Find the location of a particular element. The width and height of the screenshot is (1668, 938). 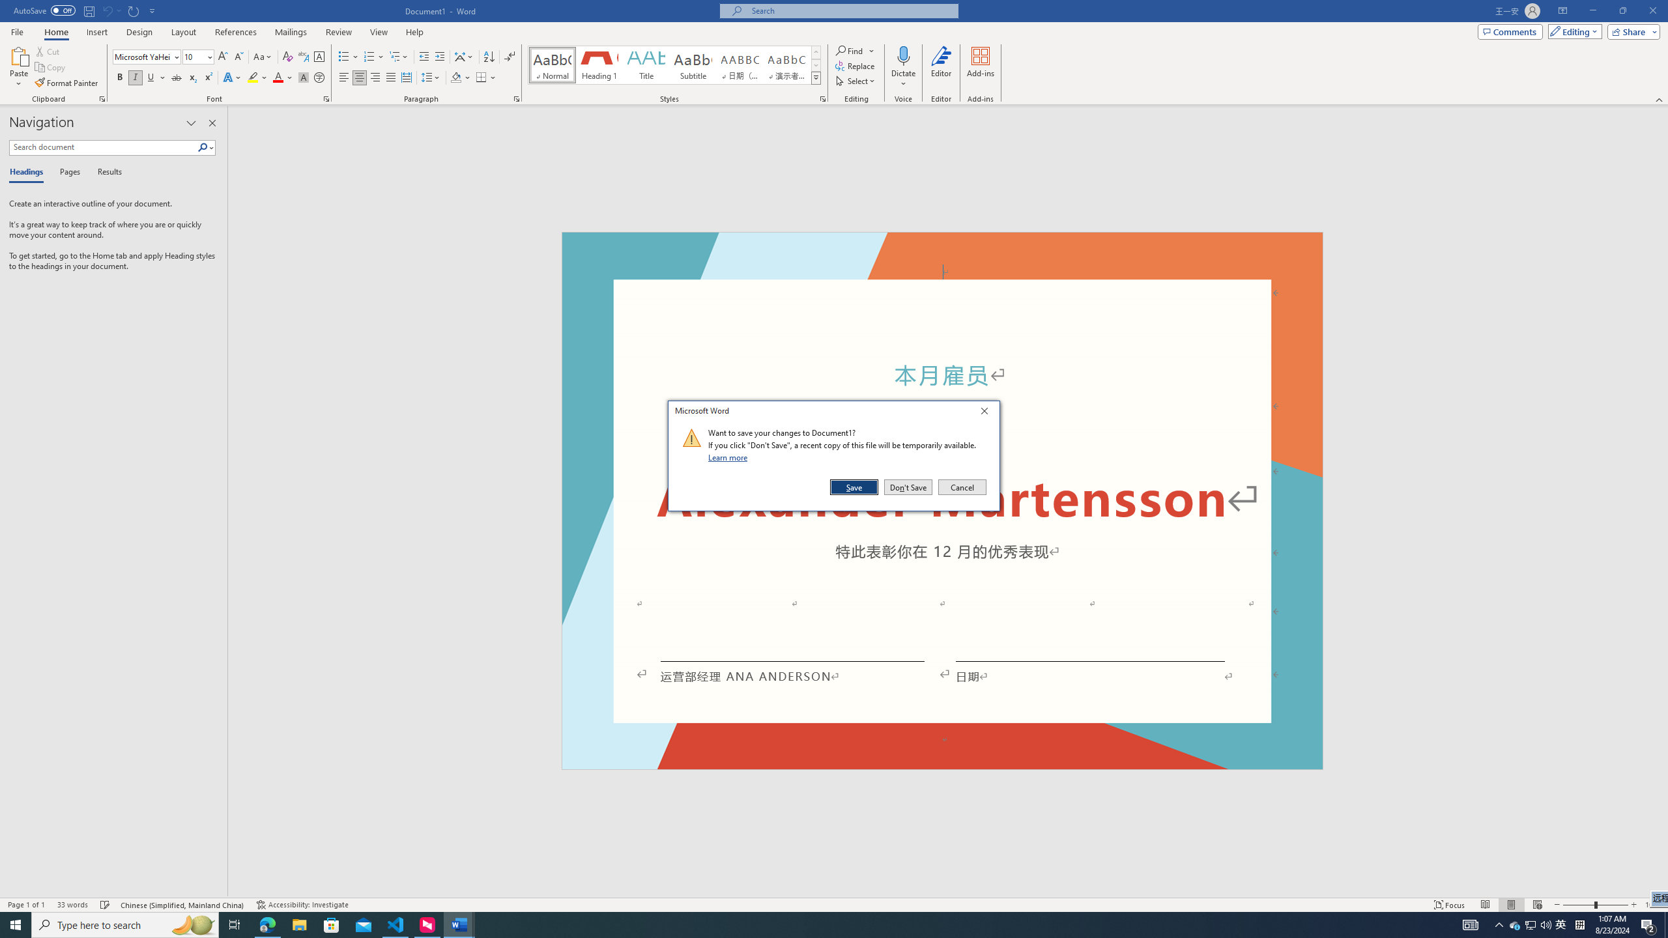

'Spelling and Grammar Check Checking' is located at coordinates (106, 905).